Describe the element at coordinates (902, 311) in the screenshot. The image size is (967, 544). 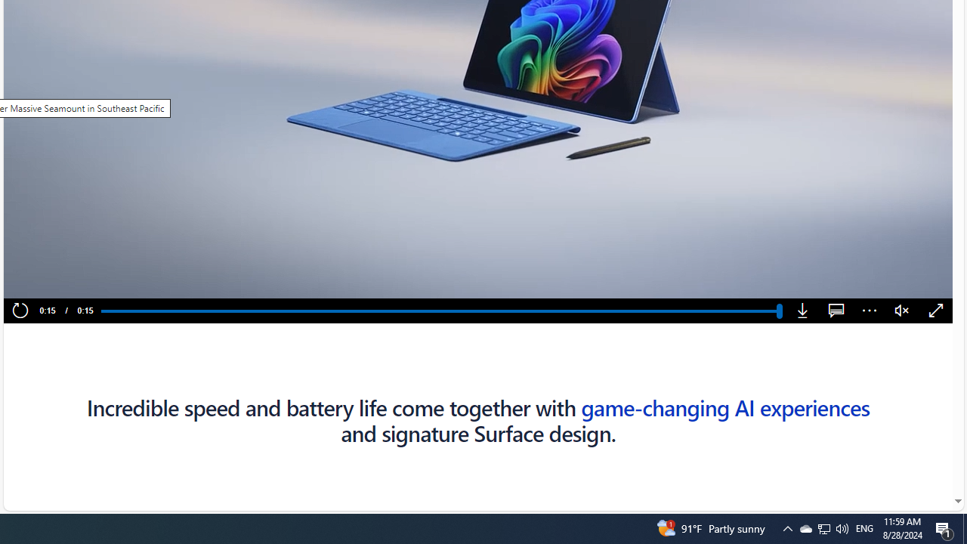
I see `'Unmute'` at that location.